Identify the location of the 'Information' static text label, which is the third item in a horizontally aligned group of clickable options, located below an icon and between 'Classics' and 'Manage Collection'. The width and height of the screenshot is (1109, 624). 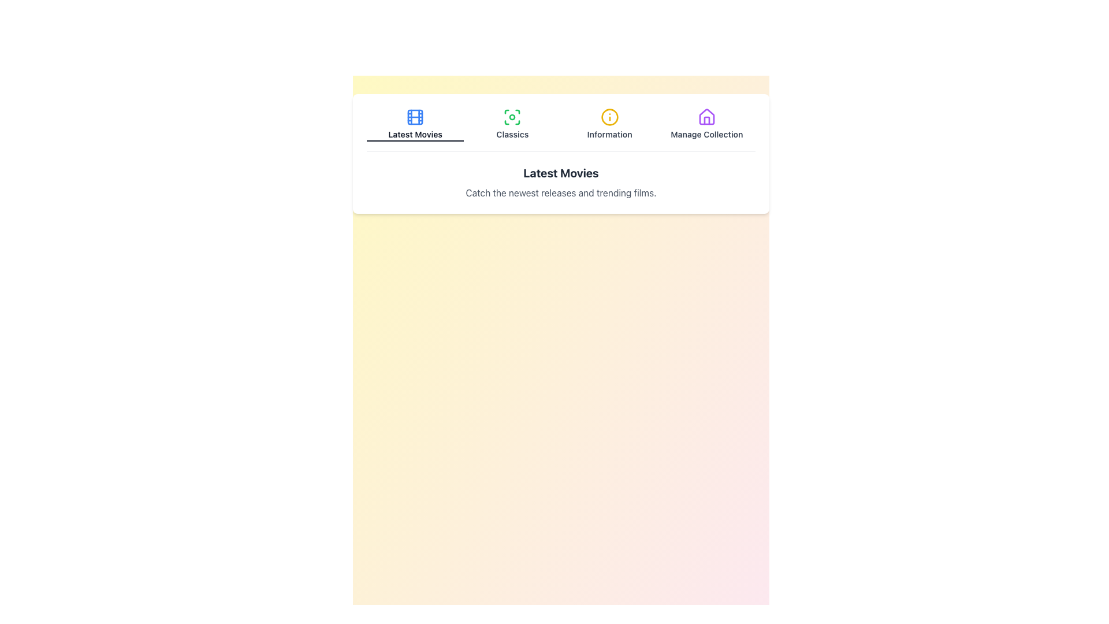
(609, 133).